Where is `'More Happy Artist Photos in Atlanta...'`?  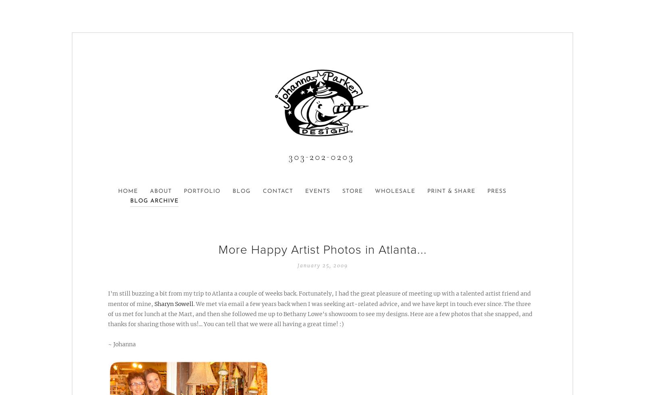 'More Happy Artist Photos in Atlanta...' is located at coordinates (217, 249).